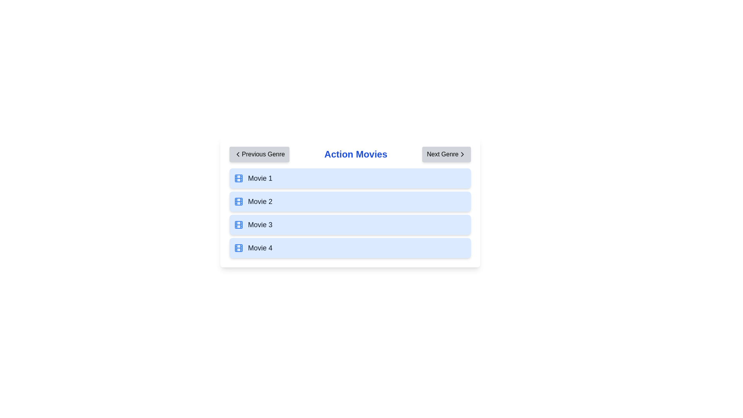  What do you see at coordinates (447, 154) in the screenshot?
I see `the rightmost button in the horizontal group at the top of the interface` at bounding box center [447, 154].